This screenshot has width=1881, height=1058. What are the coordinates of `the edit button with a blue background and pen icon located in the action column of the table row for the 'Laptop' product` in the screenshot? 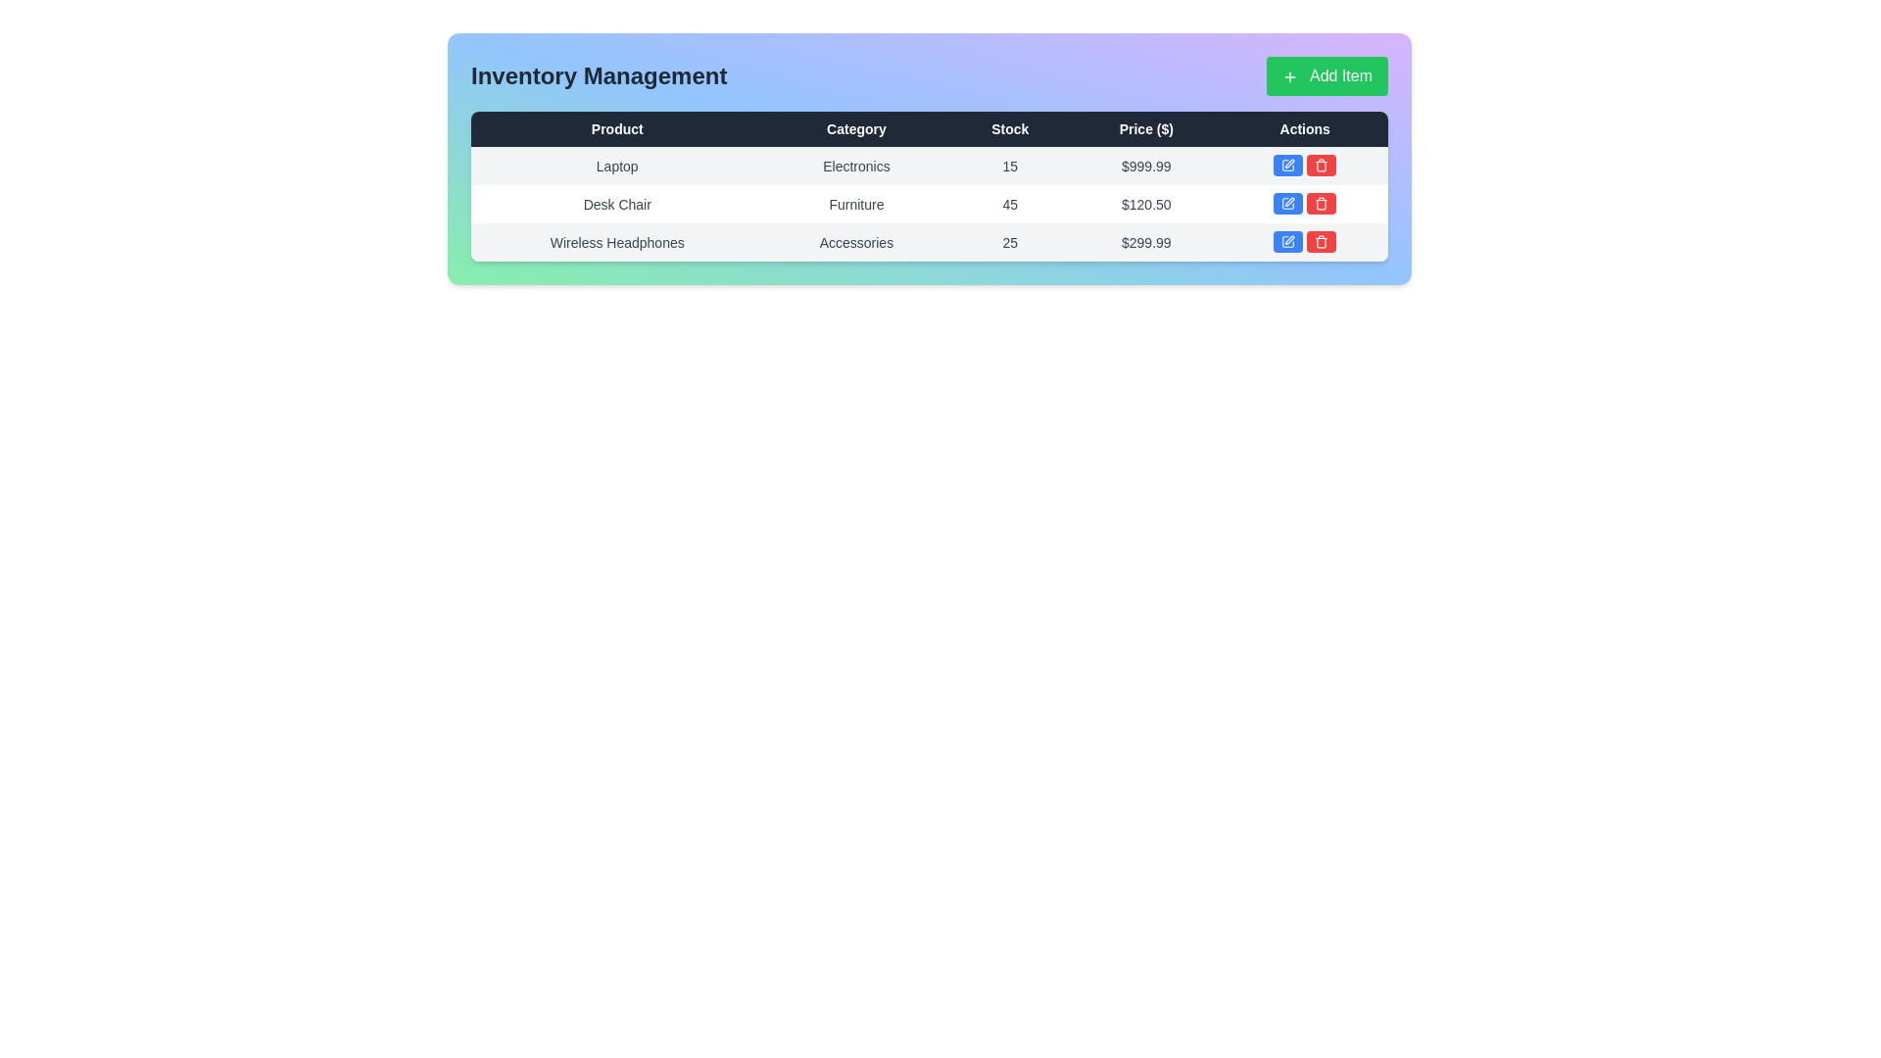 It's located at (1288, 165).